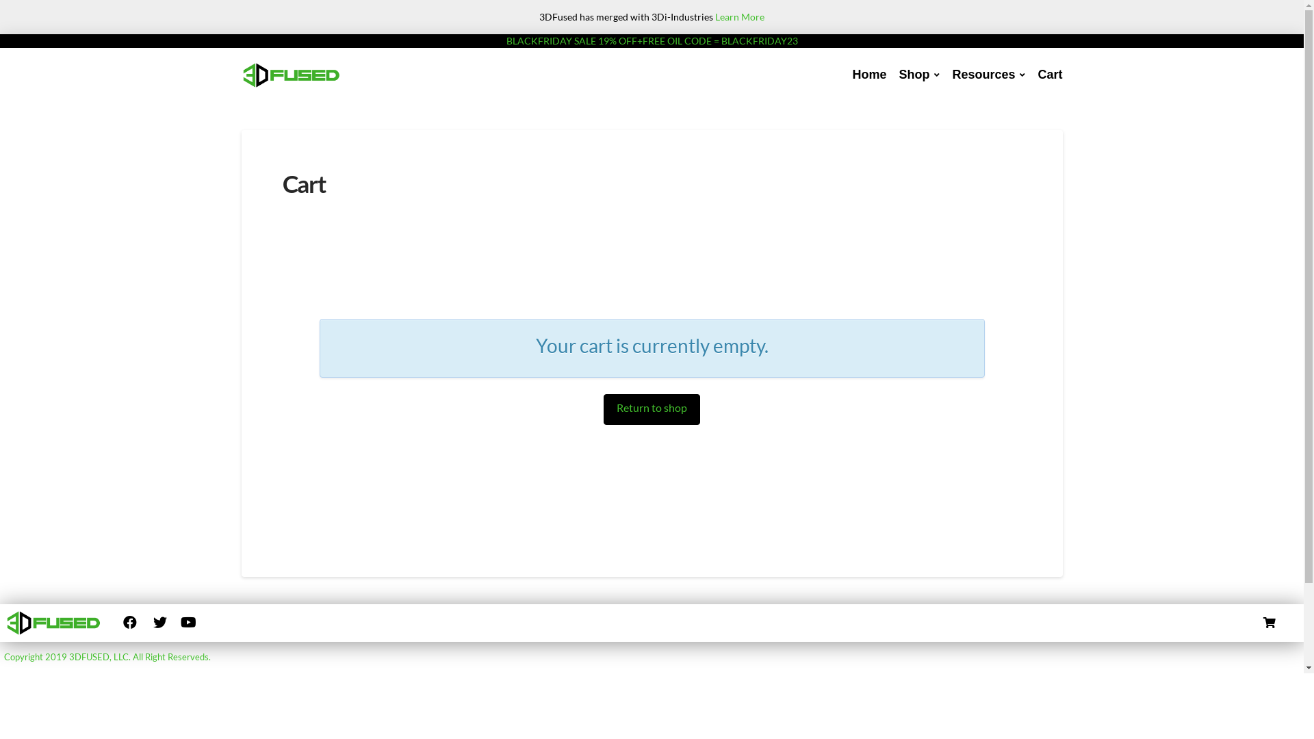  I want to click on 'Home', so click(868, 75).